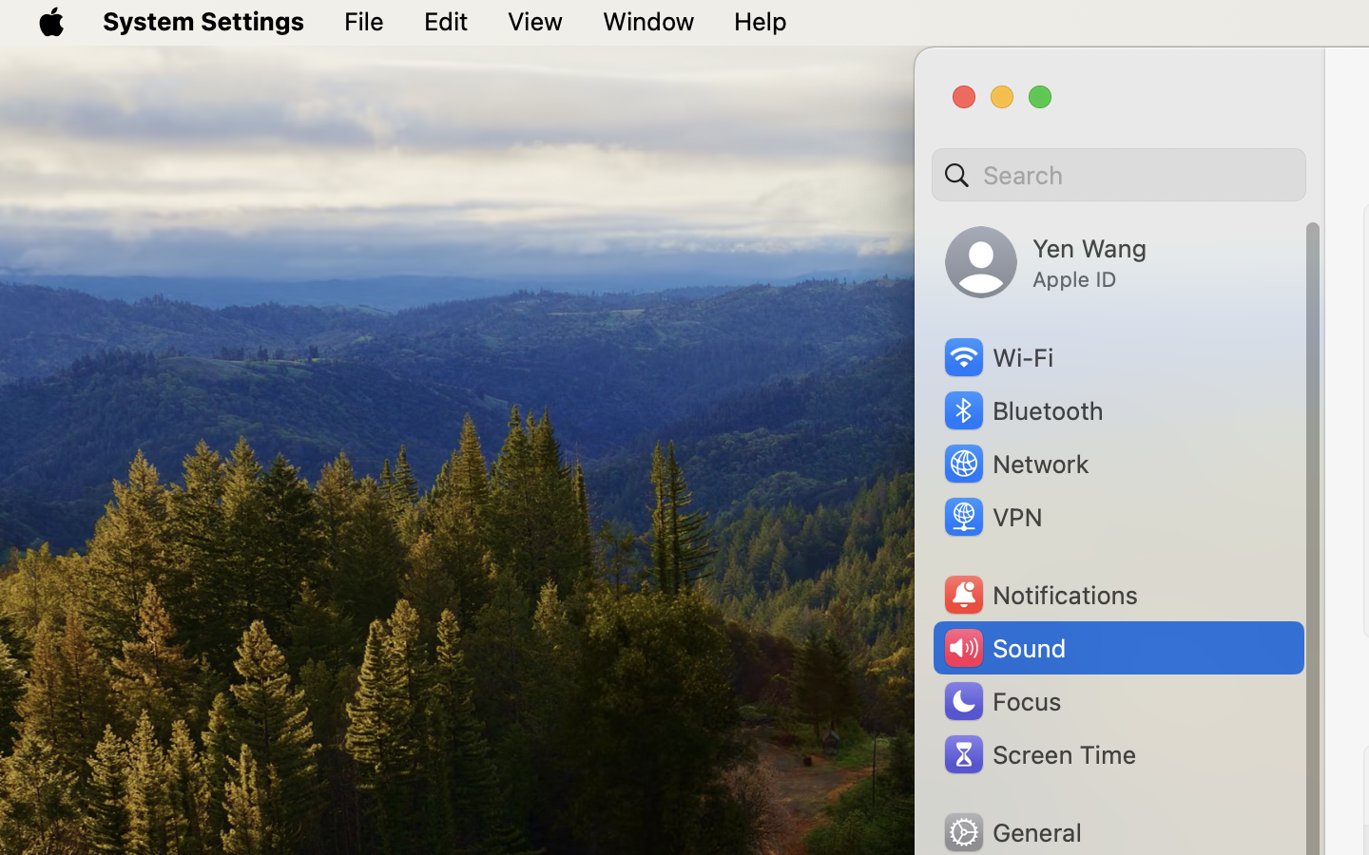 The width and height of the screenshot is (1369, 855). Describe the element at coordinates (991, 515) in the screenshot. I see `'VPN'` at that location.